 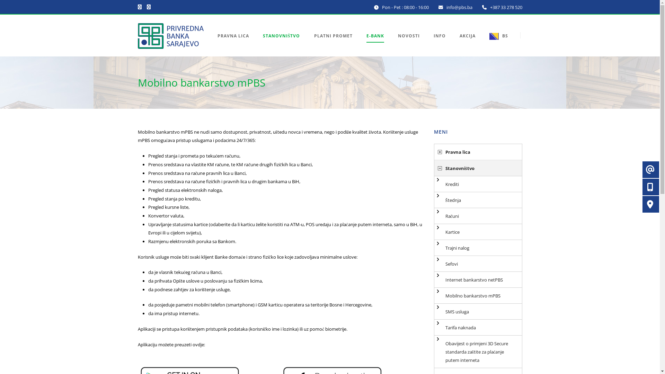 What do you see at coordinates (478, 279) in the screenshot?
I see `'Internet bankarstvo netPBS'` at bounding box center [478, 279].